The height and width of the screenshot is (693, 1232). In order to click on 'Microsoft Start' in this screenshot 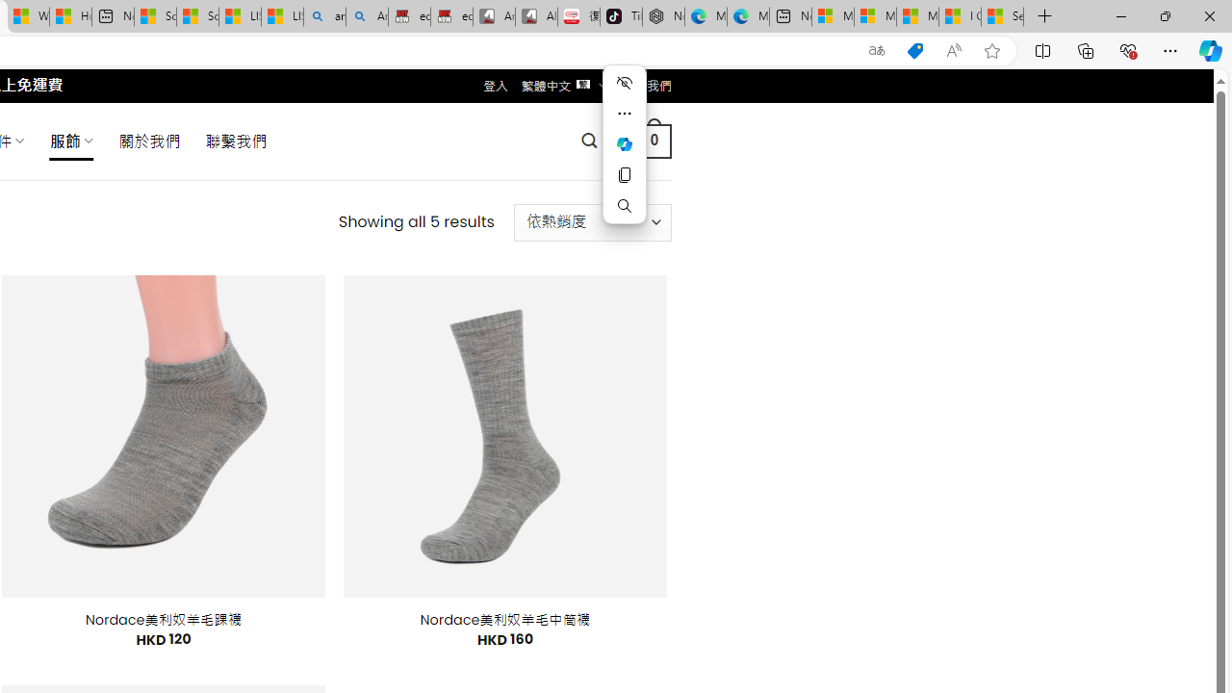, I will do `click(916, 16)`.